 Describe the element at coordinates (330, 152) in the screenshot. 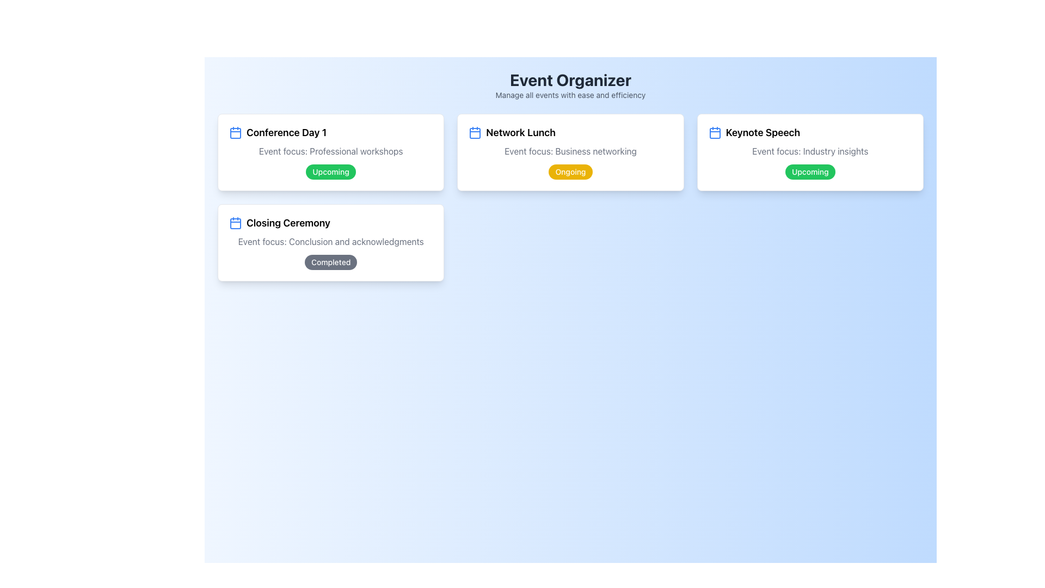

I see `the Event Information Card labeled 'Conference Day 1', located in the top-left section of the grid layout` at that location.